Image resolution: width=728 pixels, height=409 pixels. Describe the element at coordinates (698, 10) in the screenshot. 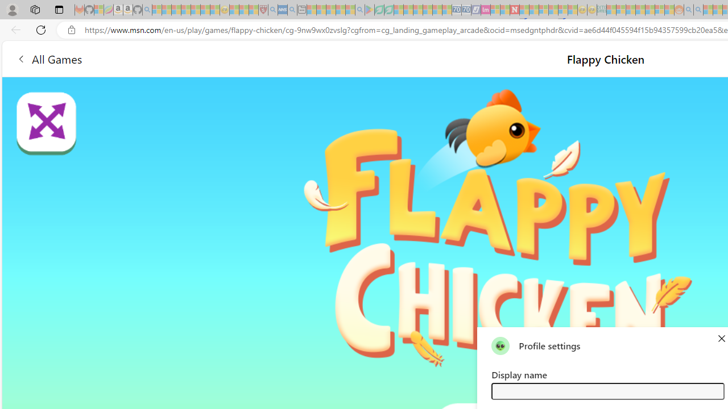

I see `'Utah sues federal government - Search - Sleeping'` at that location.